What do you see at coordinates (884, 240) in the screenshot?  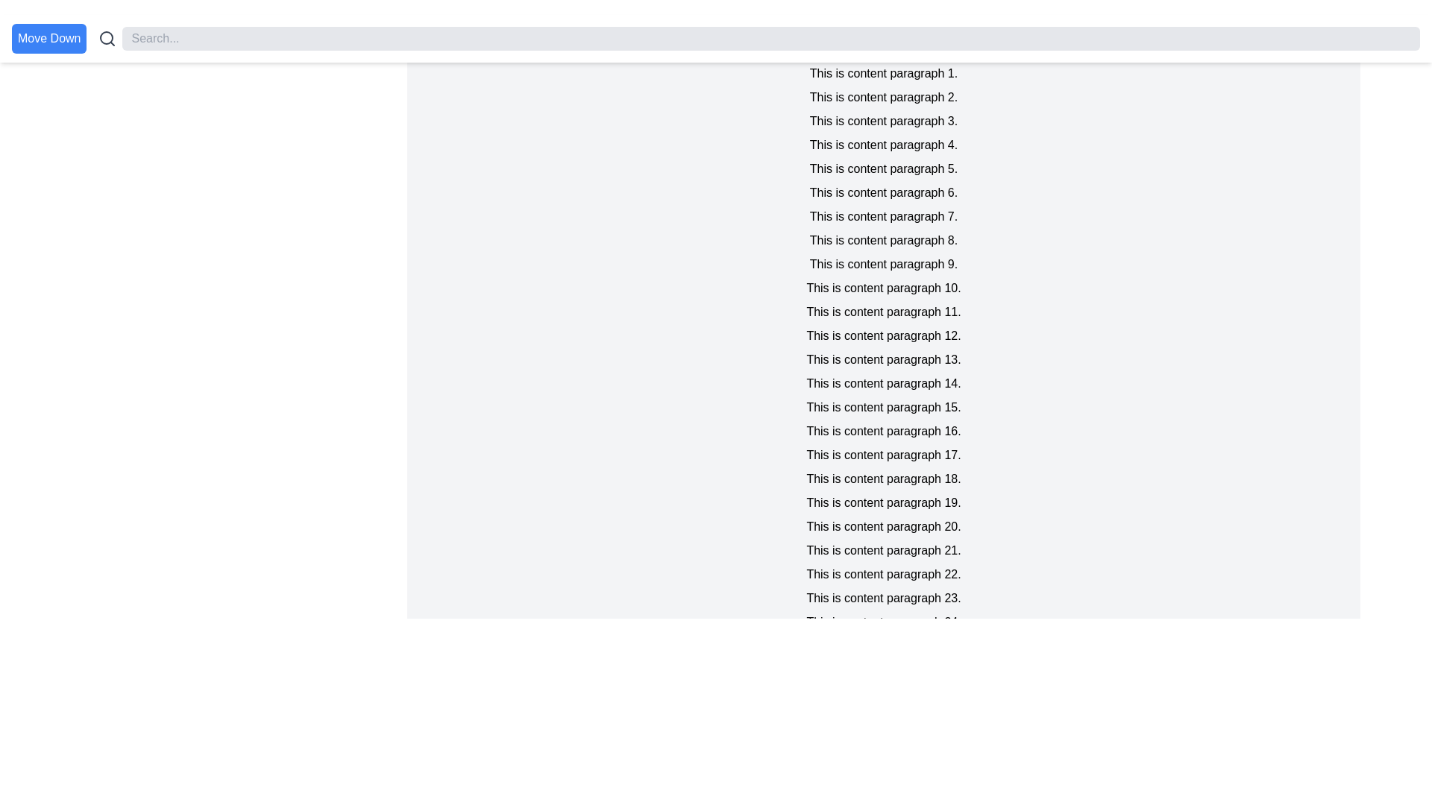 I see `the eighth paragraph text block to focus on it` at bounding box center [884, 240].